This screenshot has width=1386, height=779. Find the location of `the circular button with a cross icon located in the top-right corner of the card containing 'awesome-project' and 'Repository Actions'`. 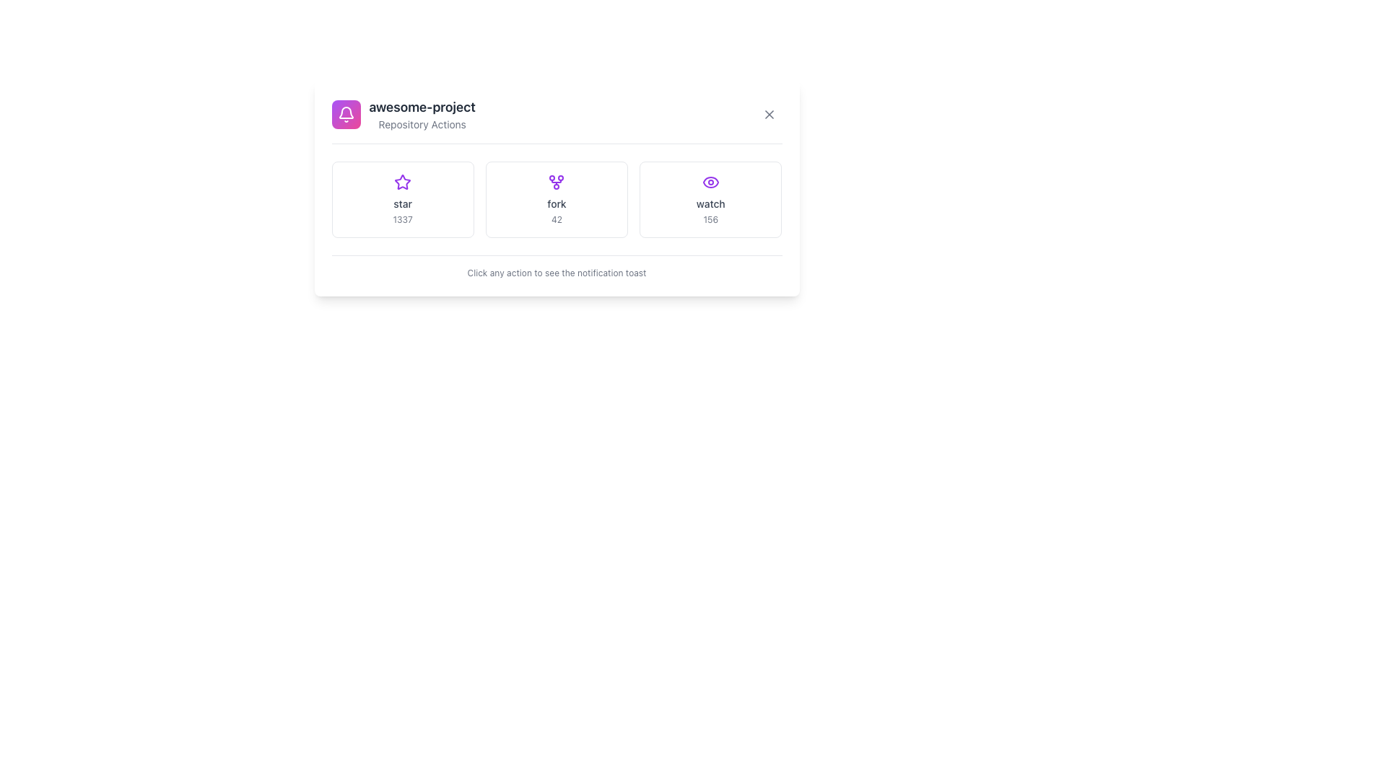

the circular button with a cross icon located in the top-right corner of the card containing 'awesome-project' and 'Repository Actions' is located at coordinates (768, 113).